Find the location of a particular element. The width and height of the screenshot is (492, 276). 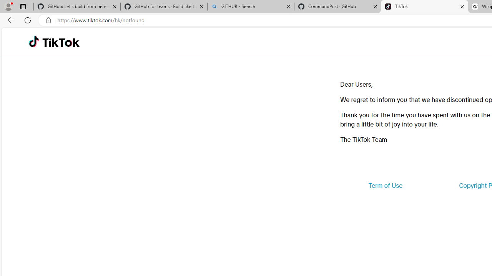

'View site information' is located at coordinates (48, 20).